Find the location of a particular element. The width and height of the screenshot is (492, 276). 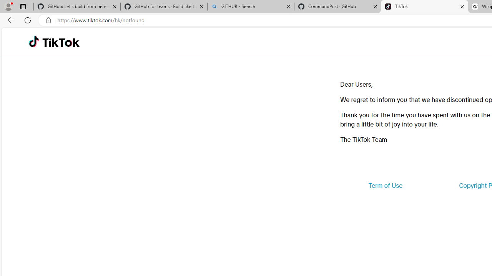

'View site information' is located at coordinates (48, 20).